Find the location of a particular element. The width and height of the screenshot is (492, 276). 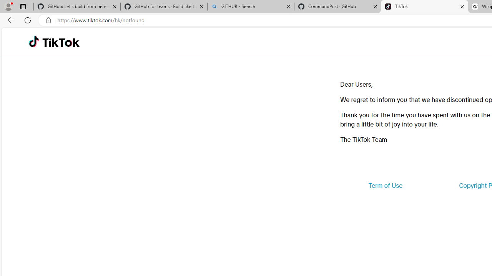

'View site information' is located at coordinates (48, 20).